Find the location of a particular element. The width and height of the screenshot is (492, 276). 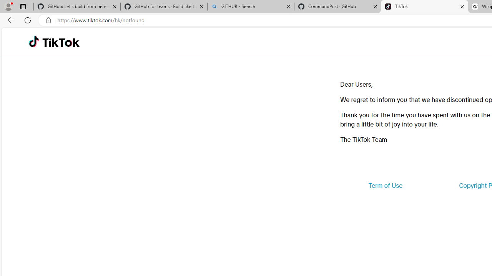

'View site information' is located at coordinates (48, 20).